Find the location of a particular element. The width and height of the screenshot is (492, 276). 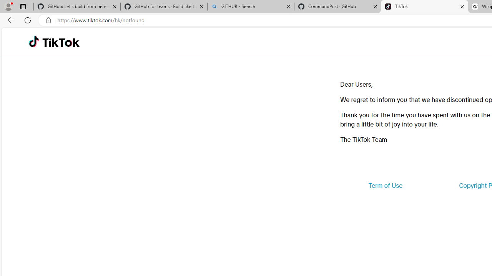

'View site information' is located at coordinates (48, 20).